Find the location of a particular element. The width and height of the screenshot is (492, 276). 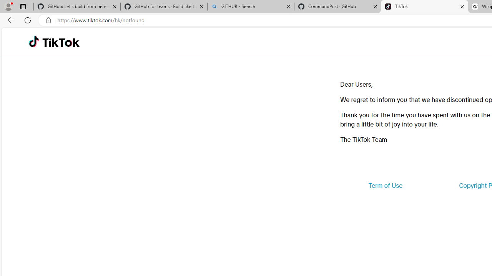

'View site information' is located at coordinates (48, 20).